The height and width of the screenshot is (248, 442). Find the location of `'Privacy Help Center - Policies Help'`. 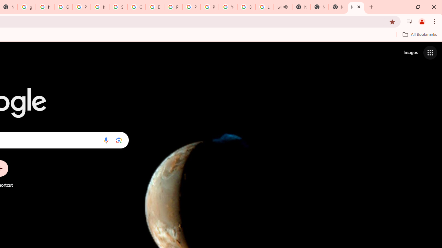

'Privacy Help Center - Policies Help' is located at coordinates (173, 7).